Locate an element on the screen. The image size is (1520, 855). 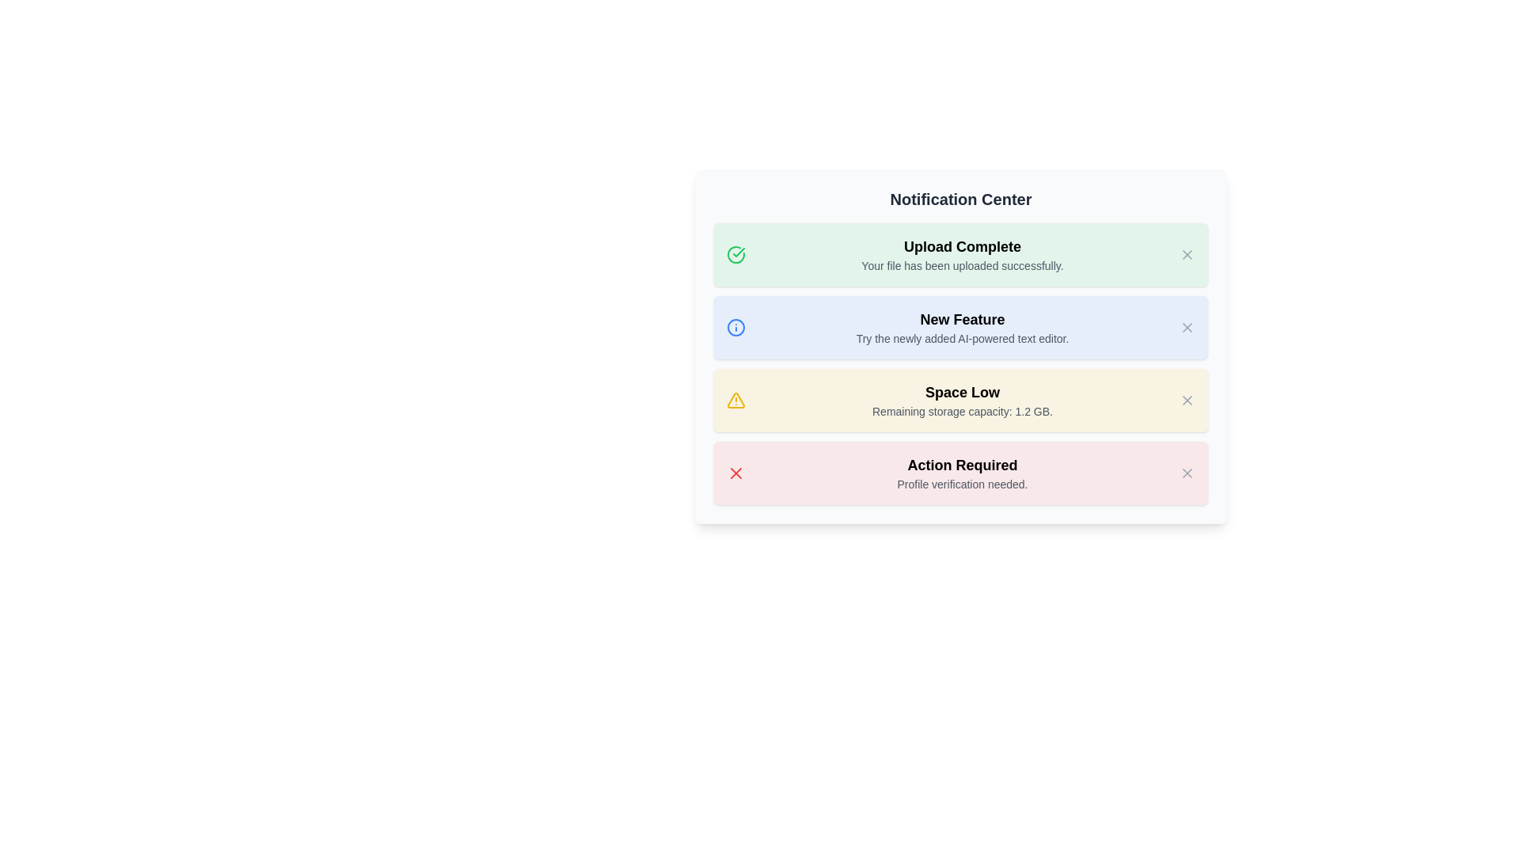
the close button icon located at the top-right corner of the 'Space Low' notification card is located at coordinates (1187, 399).